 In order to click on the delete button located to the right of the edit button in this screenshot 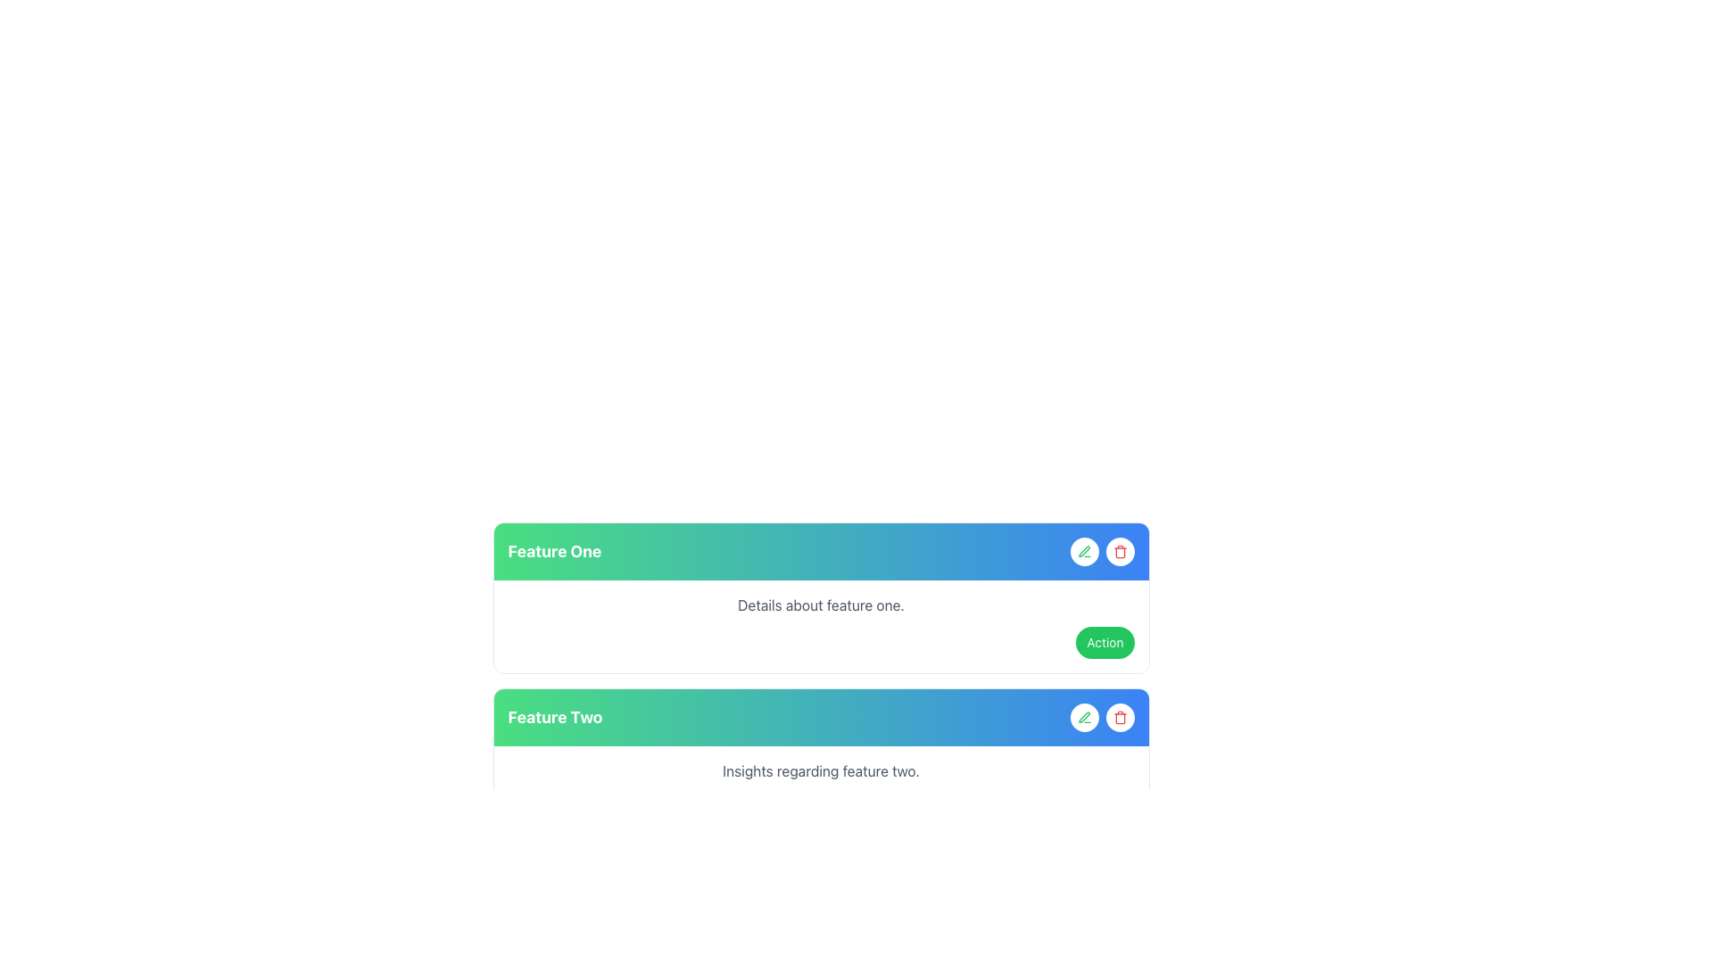, I will do `click(1119, 717)`.